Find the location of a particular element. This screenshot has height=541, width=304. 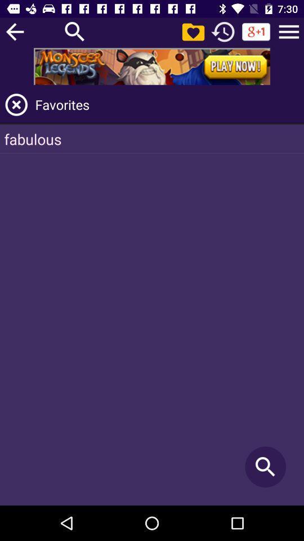

go back is located at coordinates (14, 31).